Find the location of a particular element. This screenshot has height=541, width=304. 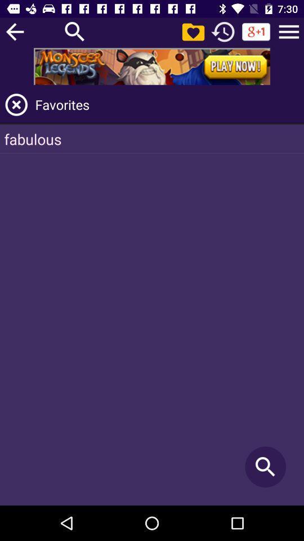

go back is located at coordinates (14, 31).